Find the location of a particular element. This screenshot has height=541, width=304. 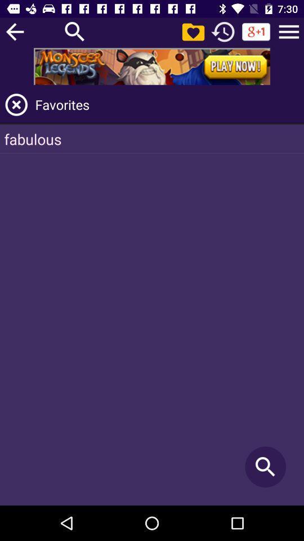

go back is located at coordinates (14, 31).